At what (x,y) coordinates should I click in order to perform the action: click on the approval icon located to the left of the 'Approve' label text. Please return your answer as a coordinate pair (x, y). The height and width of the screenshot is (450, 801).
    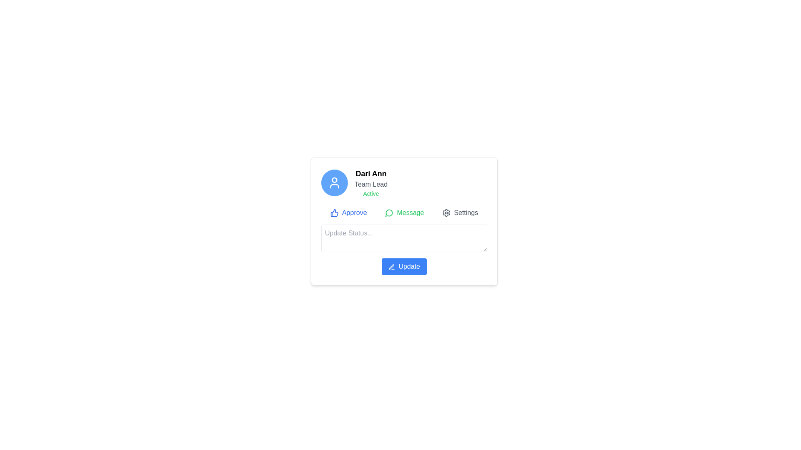
    Looking at the image, I should click on (334, 212).